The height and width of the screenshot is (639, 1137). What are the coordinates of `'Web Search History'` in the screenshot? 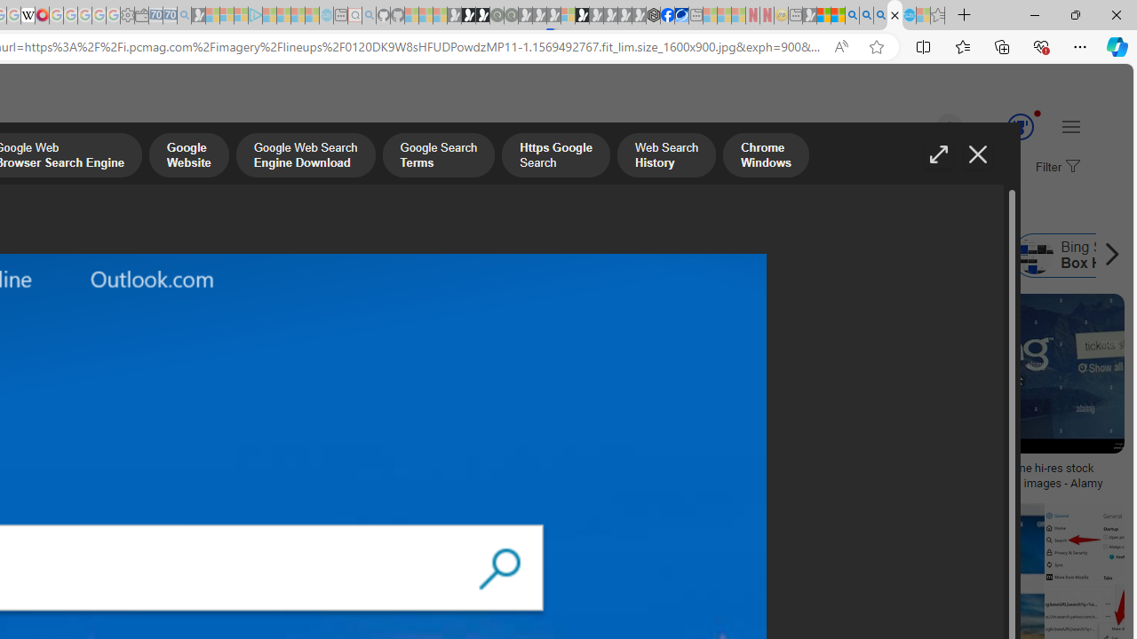 It's located at (665, 156).